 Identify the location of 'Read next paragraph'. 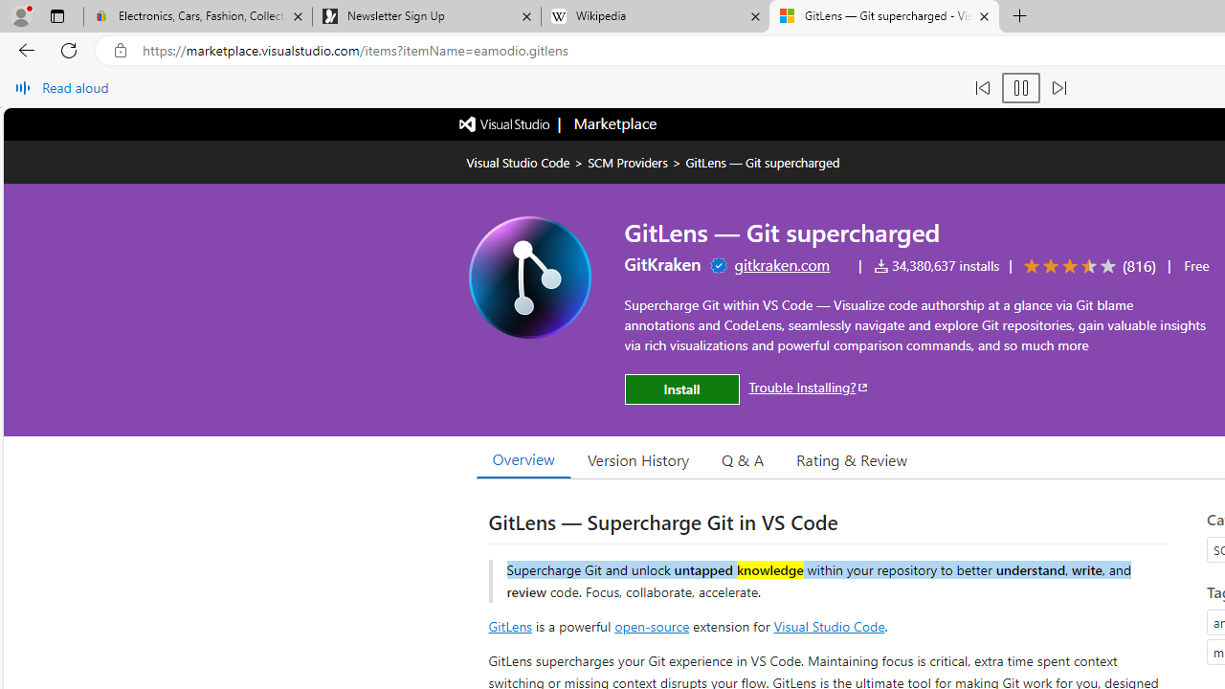
(1057, 88).